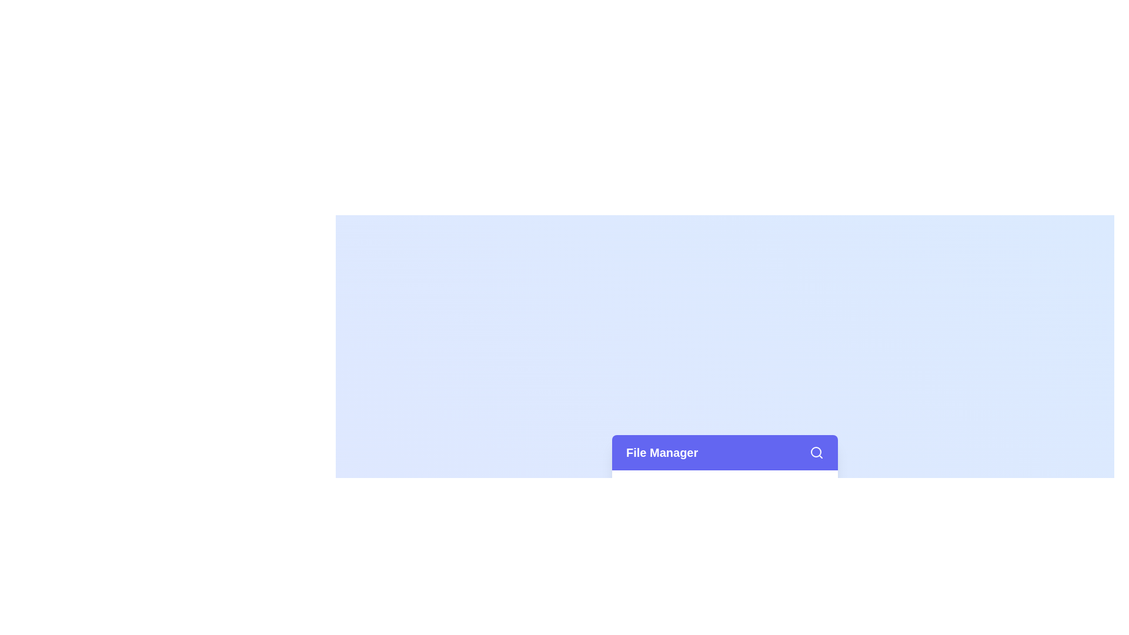 The height and width of the screenshot is (635, 1129). What do you see at coordinates (724, 452) in the screenshot?
I see `the 'File Manager' header to focus or interact with it` at bounding box center [724, 452].